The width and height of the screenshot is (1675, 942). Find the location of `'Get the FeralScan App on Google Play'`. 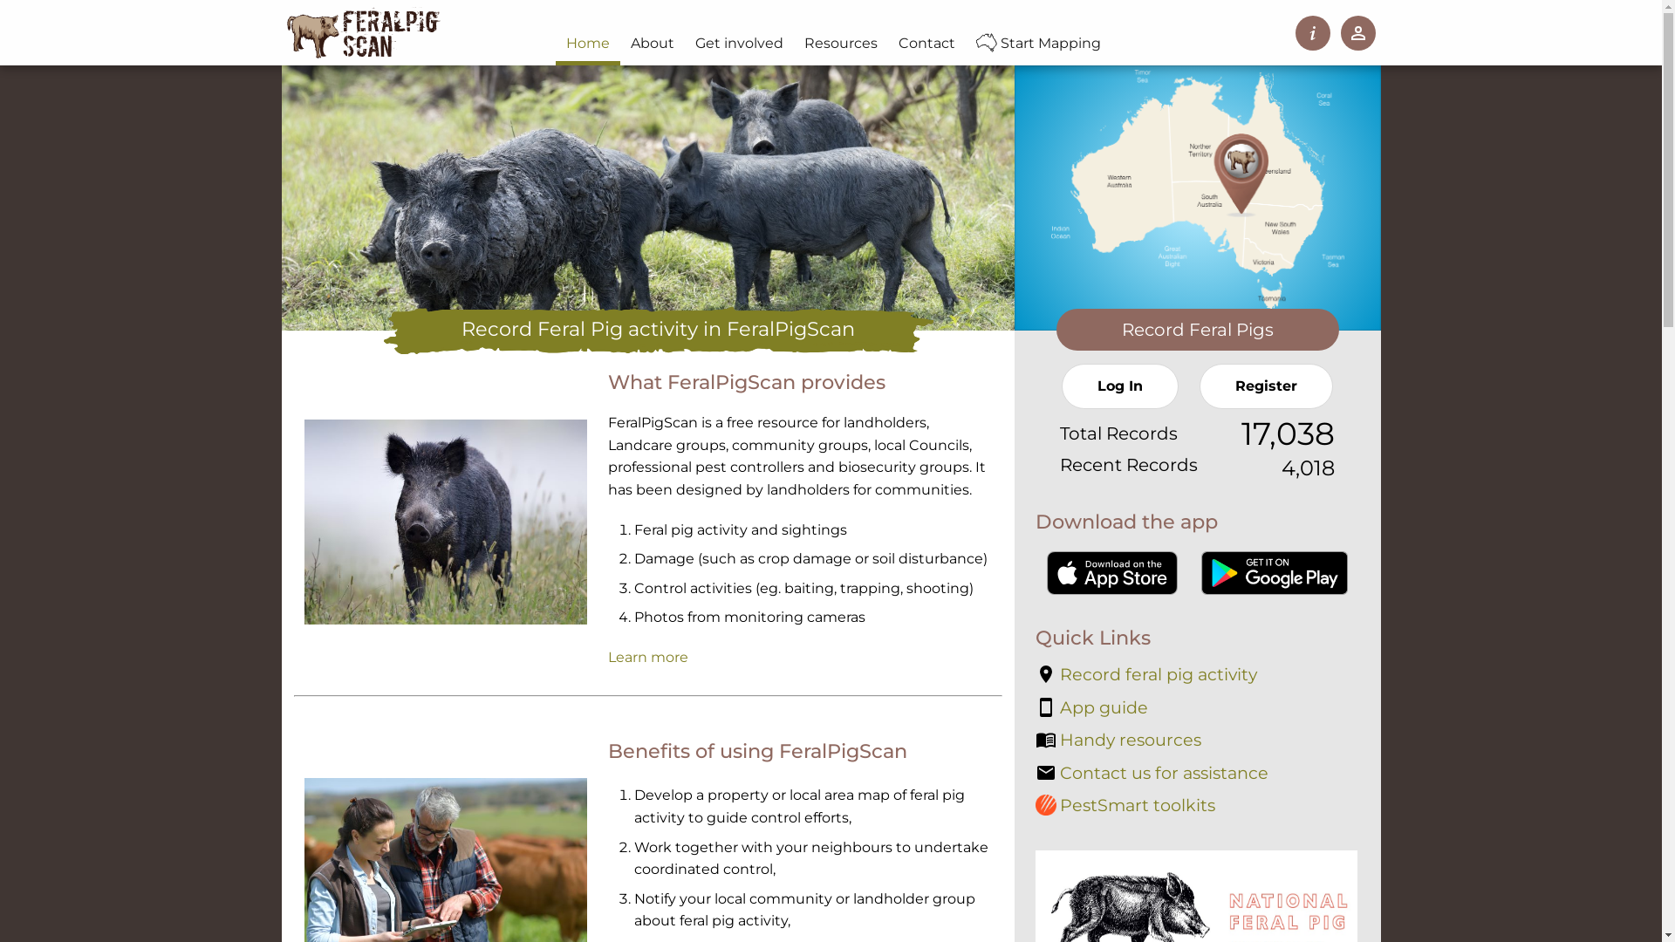

'Get the FeralScan App on Google Play' is located at coordinates (1200, 572).